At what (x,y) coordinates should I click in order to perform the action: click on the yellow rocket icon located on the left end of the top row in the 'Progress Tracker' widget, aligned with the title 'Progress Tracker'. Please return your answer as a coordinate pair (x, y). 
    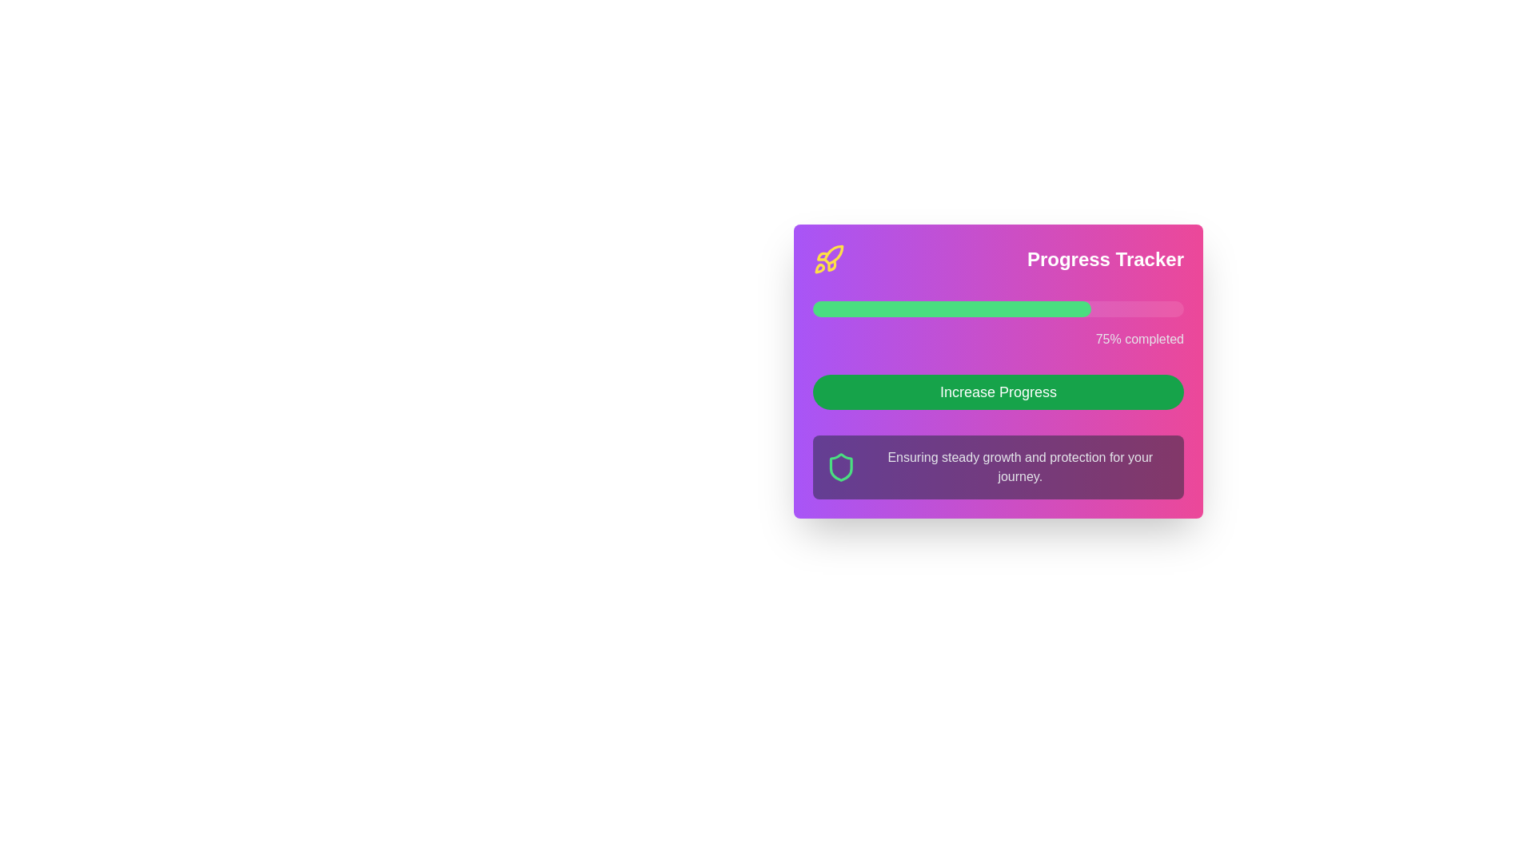
    Looking at the image, I should click on (828, 258).